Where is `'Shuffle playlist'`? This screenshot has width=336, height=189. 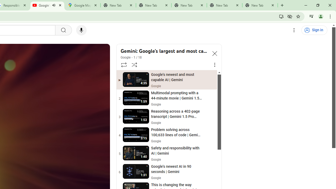
'Shuffle playlist' is located at coordinates (134, 64).